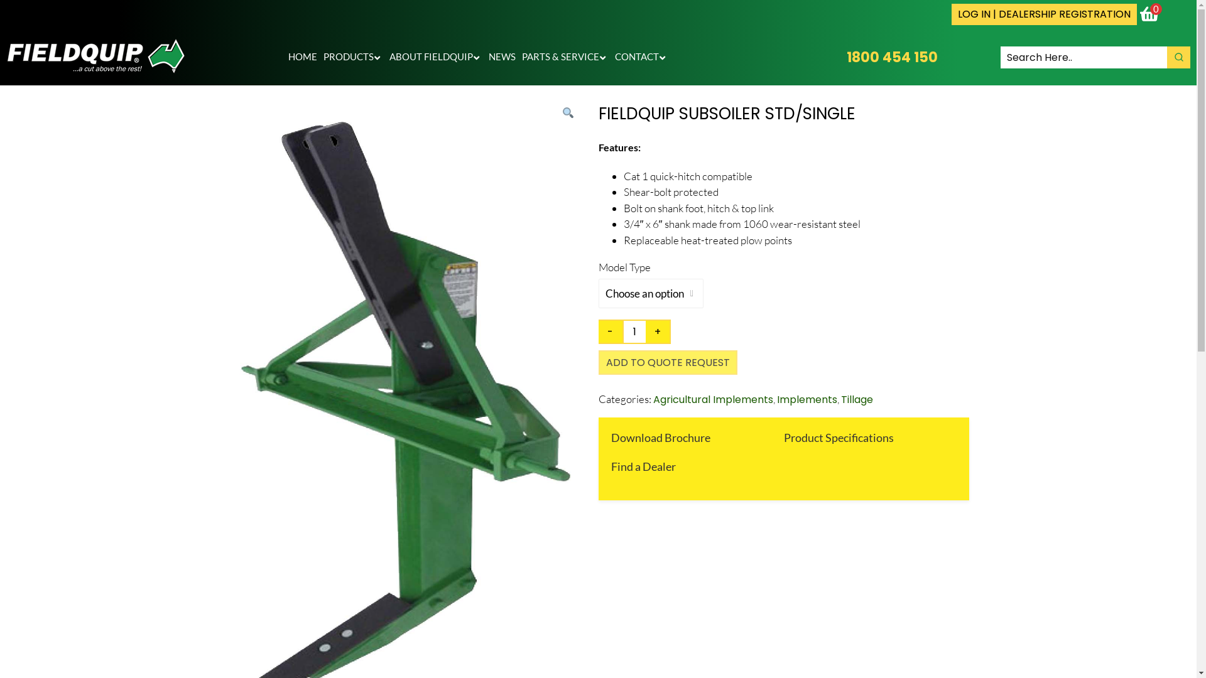 This screenshot has height=678, width=1206. Describe the element at coordinates (713, 399) in the screenshot. I see `'Agricultural Implements'` at that location.